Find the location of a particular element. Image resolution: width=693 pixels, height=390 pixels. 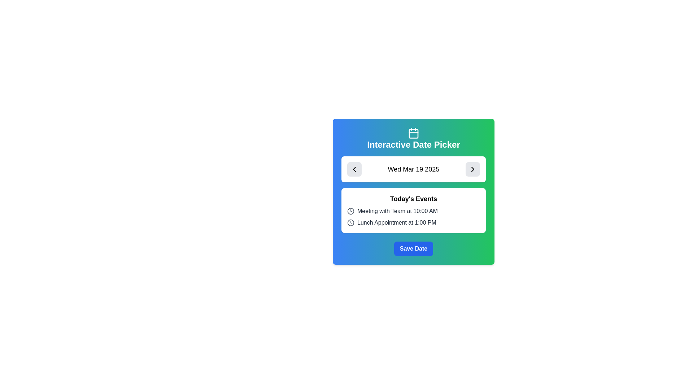

the circular SVG icon representing the outer border of the clock shape in the events section of the card UI, located to the left of the 'Lunch Appointment at 1:00 PM' text is located at coordinates (350, 211).